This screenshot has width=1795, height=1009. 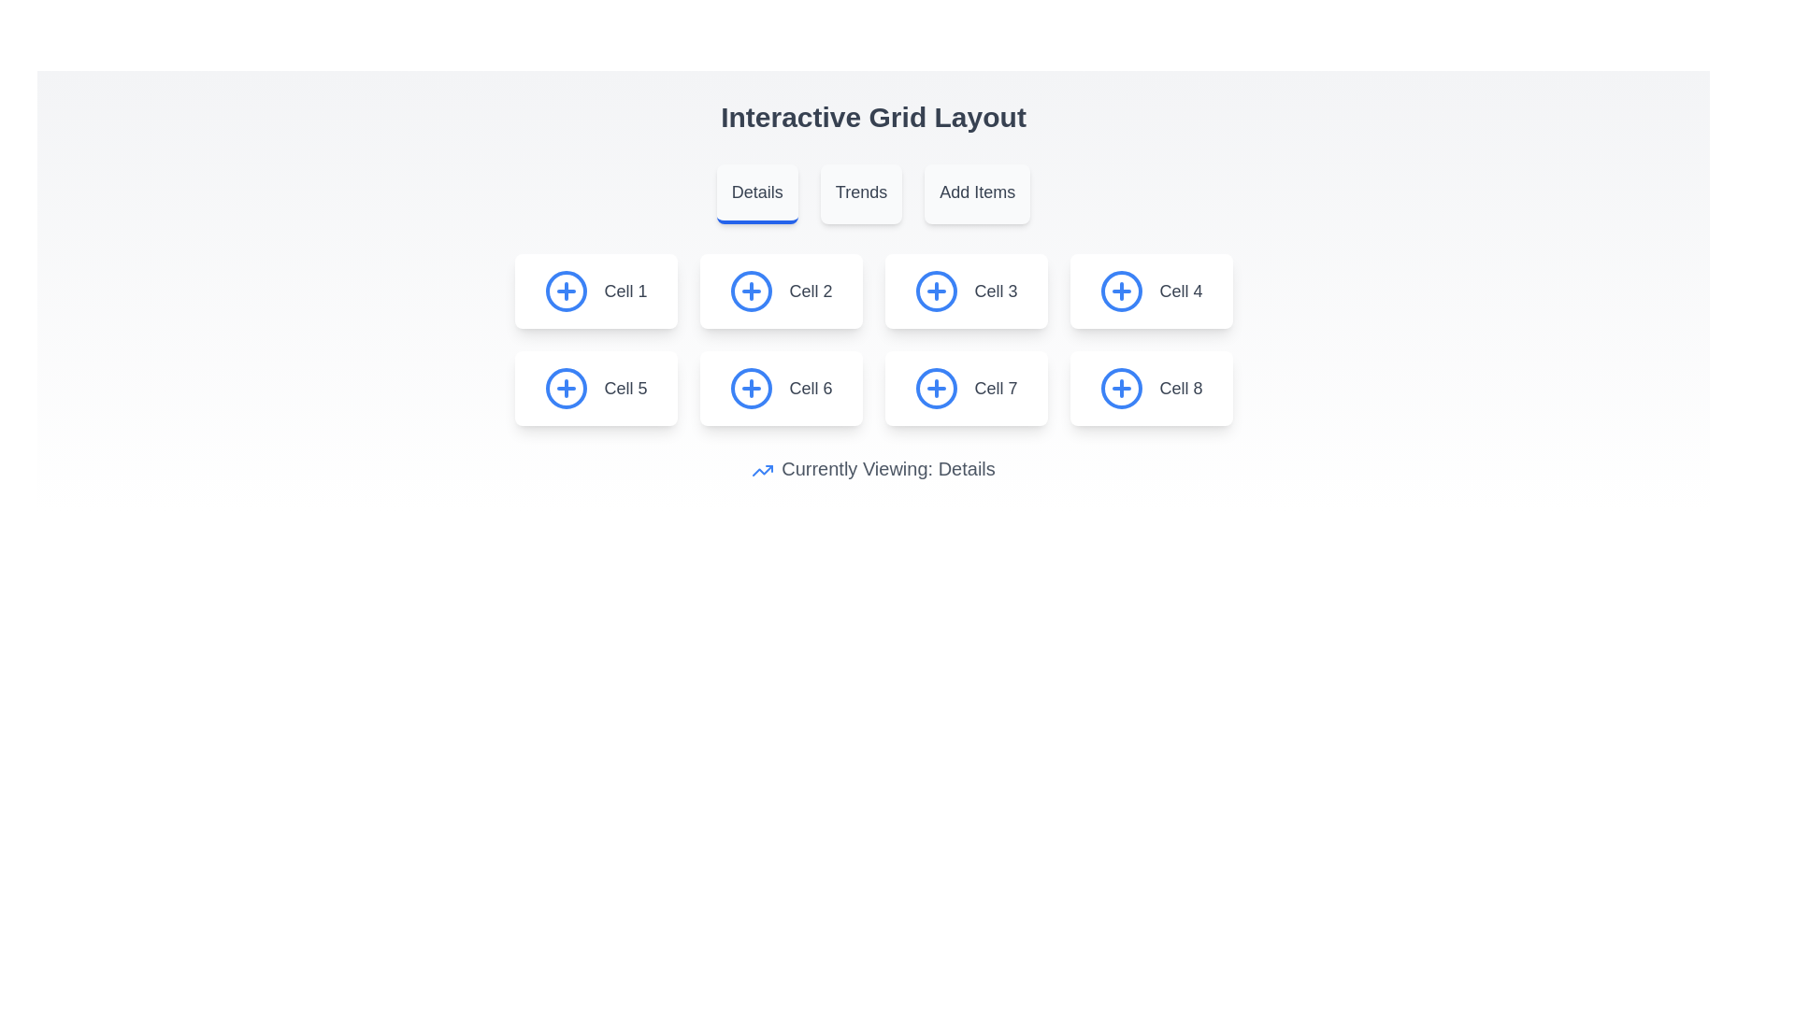 I want to click on the Text label located to the right of the 'Trends' button, indicating functionality to add items to a list or grid, so click(x=976, y=192).